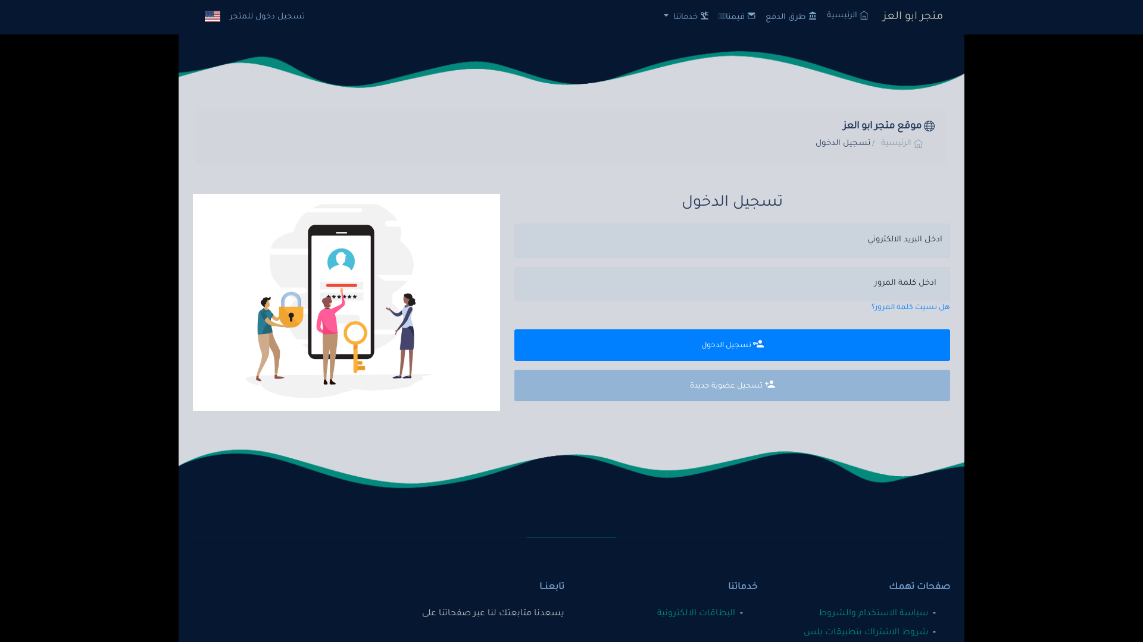 The width and height of the screenshot is (1143, 642). Describe the element at coordinates (212, 16) in the screenshot. I see `'English Language'` at that location.